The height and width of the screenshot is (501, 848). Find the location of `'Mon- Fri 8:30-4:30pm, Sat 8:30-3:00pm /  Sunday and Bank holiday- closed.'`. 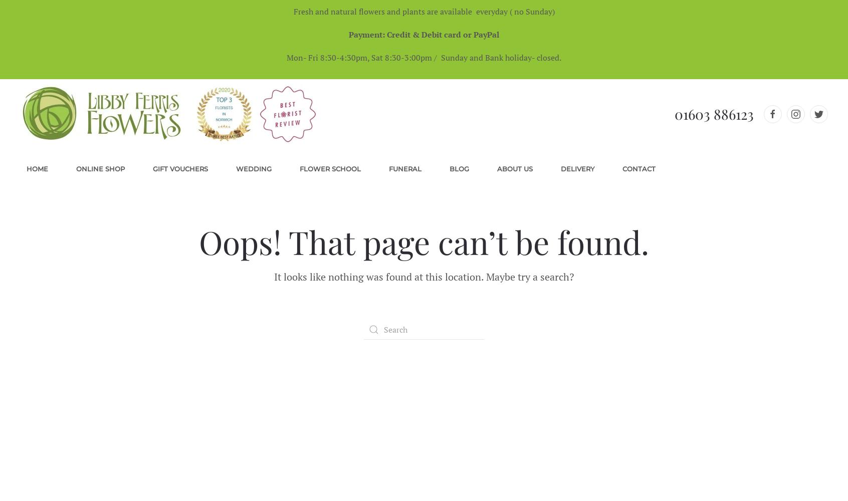

'Mon- Fri 8:30-4:30pm, Sat 8:30-3:00pm /  Sunday and Bank holiday- closed.' is located at coordinates (424, 57).